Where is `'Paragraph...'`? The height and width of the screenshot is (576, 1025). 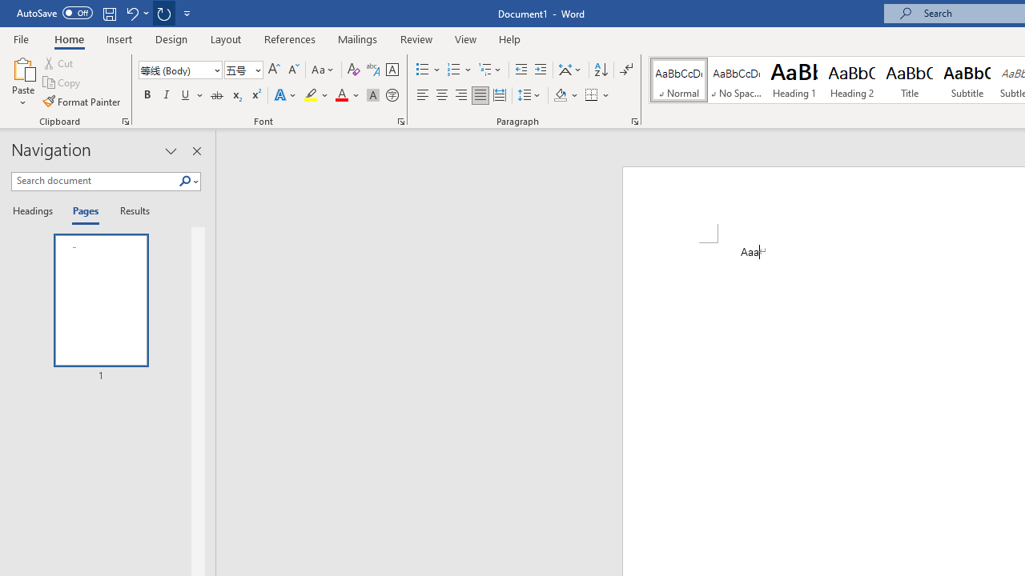 'Paragraph...' is located at coordinates (633, 120).